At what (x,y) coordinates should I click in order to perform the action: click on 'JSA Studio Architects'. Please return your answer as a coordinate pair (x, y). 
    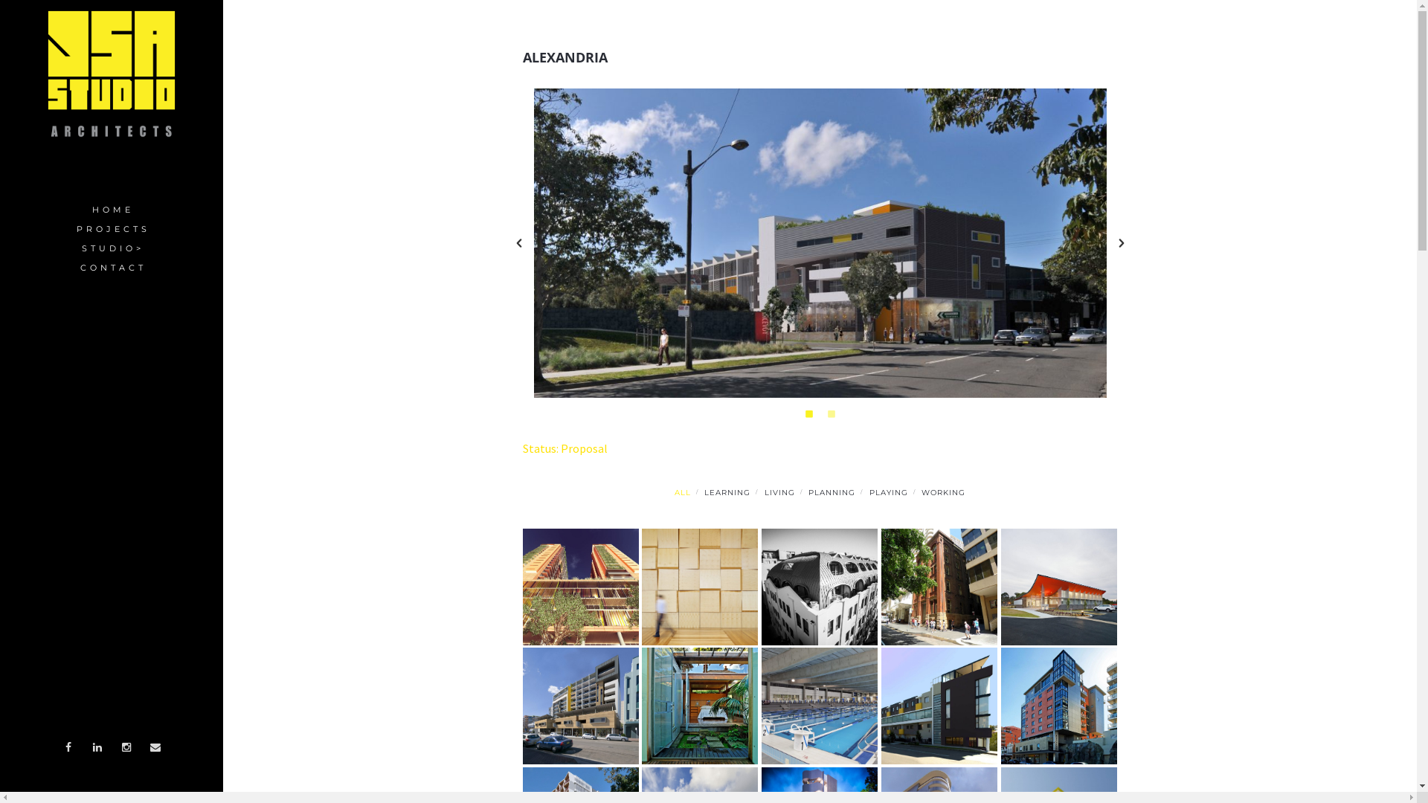
    Looking at the image, I should click on (110, 74).